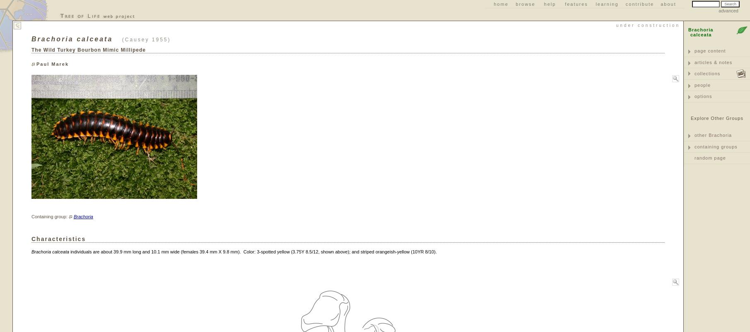 The image size is (750, 332). What do you see at coordinates (49, 216) in the screenshot?
I see `'Containing group:'` at bounding box center [49, 216].